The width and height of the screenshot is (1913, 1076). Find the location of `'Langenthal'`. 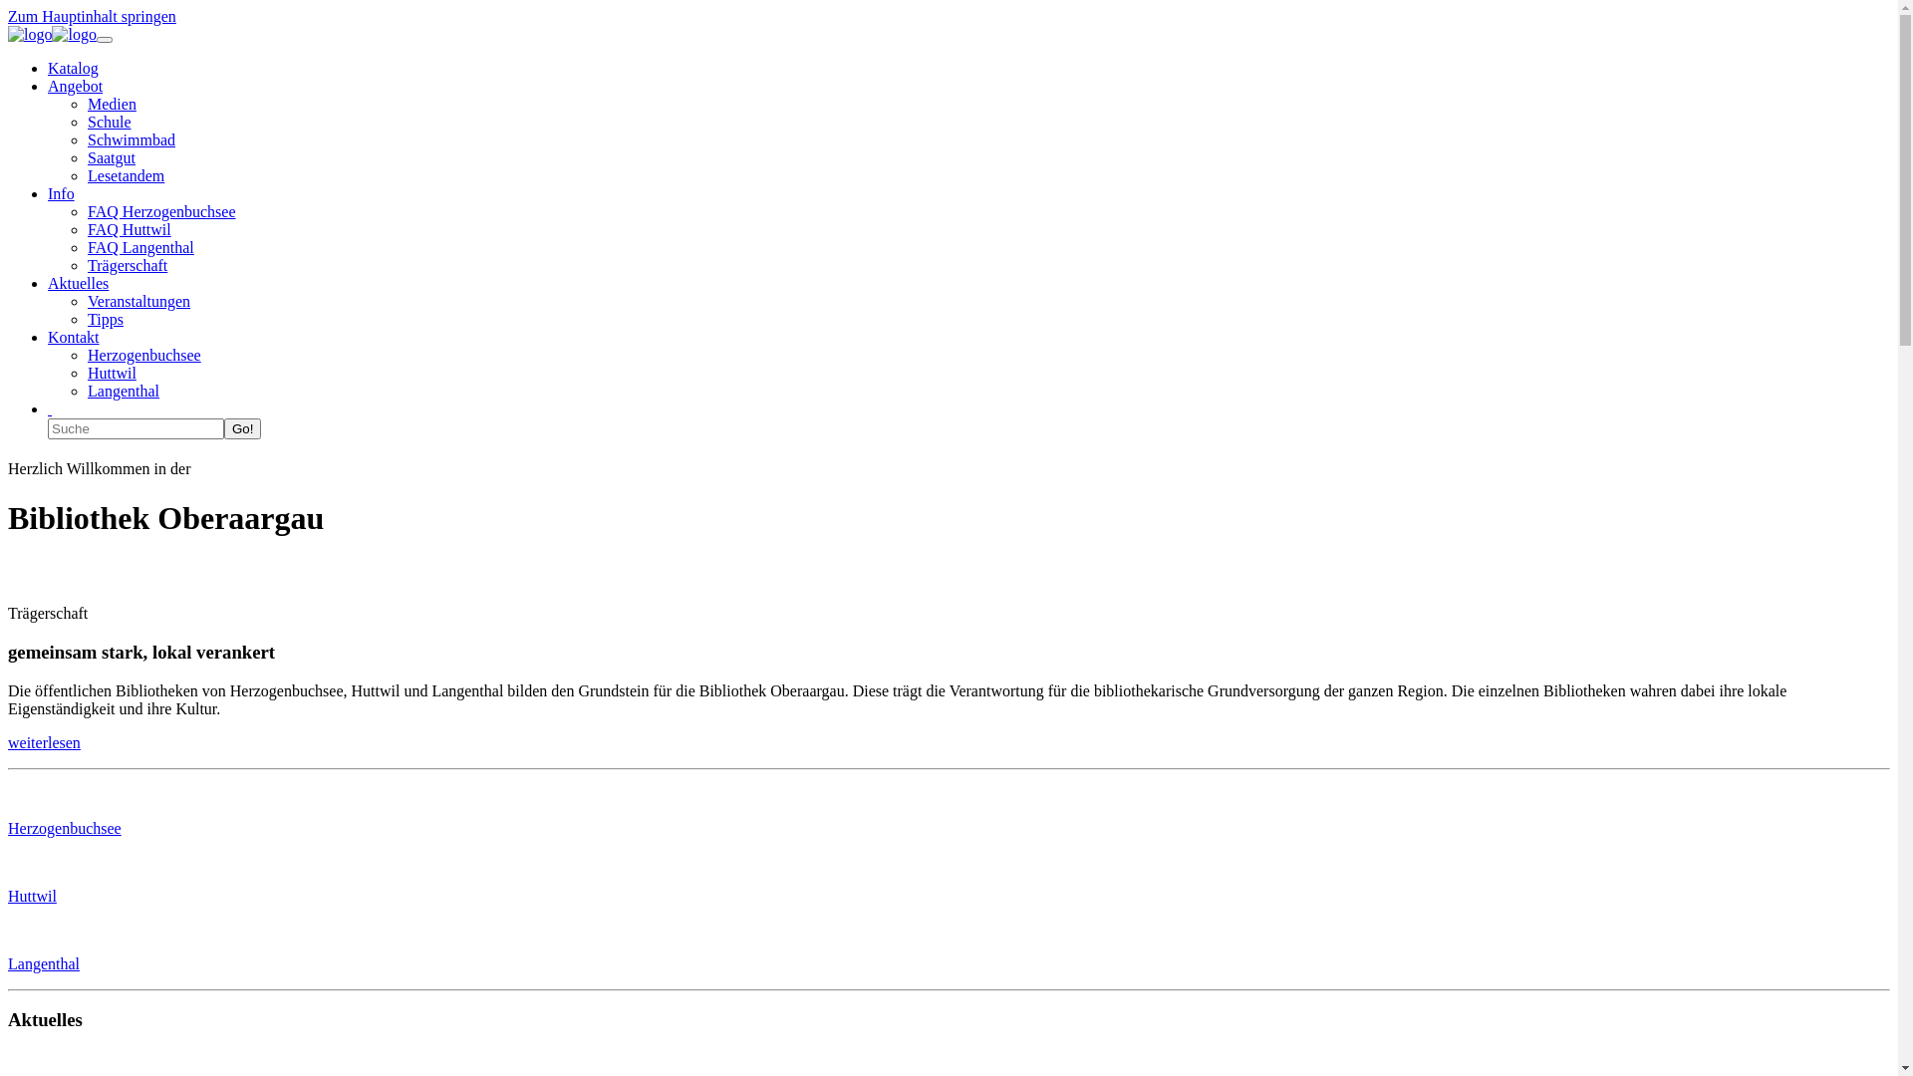

'Langenthal' is located at coordinates (123, 391).